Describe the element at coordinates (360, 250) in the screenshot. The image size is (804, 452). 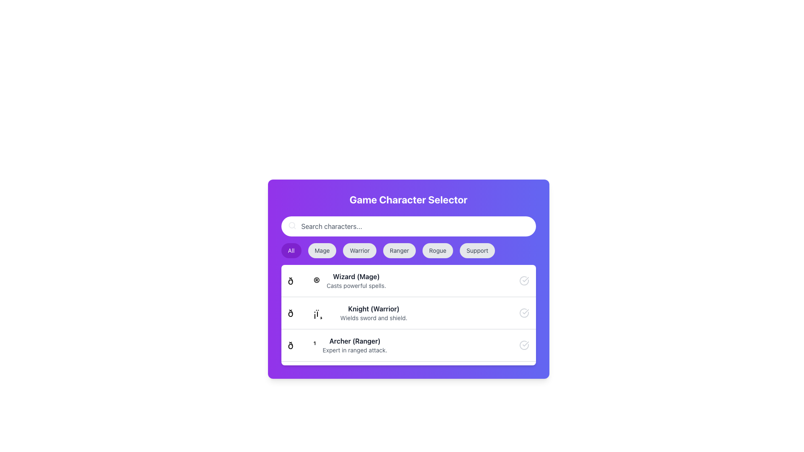
I see `the 'Warrior' filter button, which is the third button in a series of six located below the search bar, to filter the character list accordingly` at that location.